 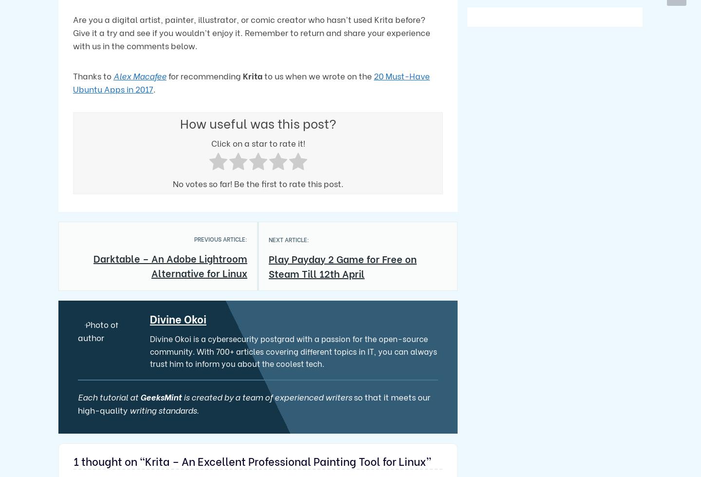 What do you see at coordinates (257, 122) in the screenshot?
I see `'How useful was this post?'` at bounding box center [257, 122].